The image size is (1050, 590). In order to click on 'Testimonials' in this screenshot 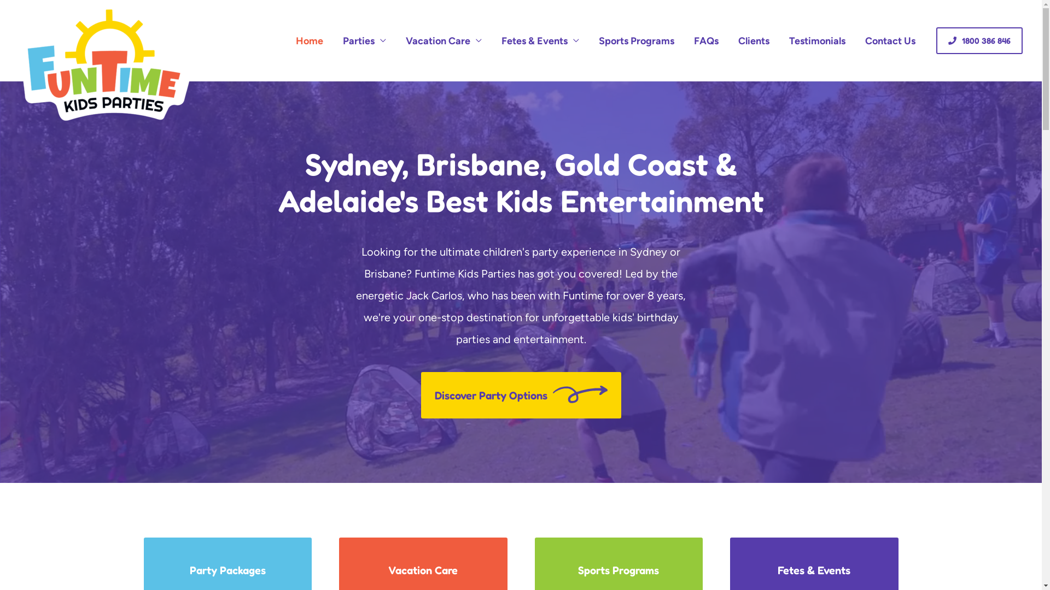, I will do `click(817, 40)`.